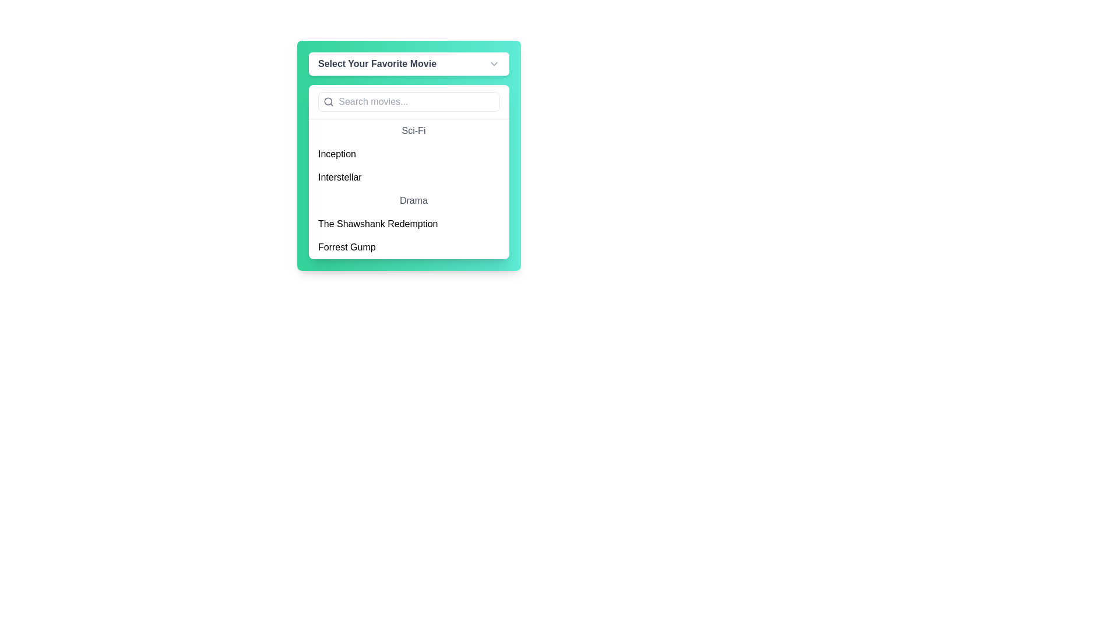 The width and height of the screenshot is (1119, 629). Describe the element at coordinates (328, 101) in the screenshot. I see `the search icon located immediately to the left of the text input field, which visually indicates the search functionality` at that location.